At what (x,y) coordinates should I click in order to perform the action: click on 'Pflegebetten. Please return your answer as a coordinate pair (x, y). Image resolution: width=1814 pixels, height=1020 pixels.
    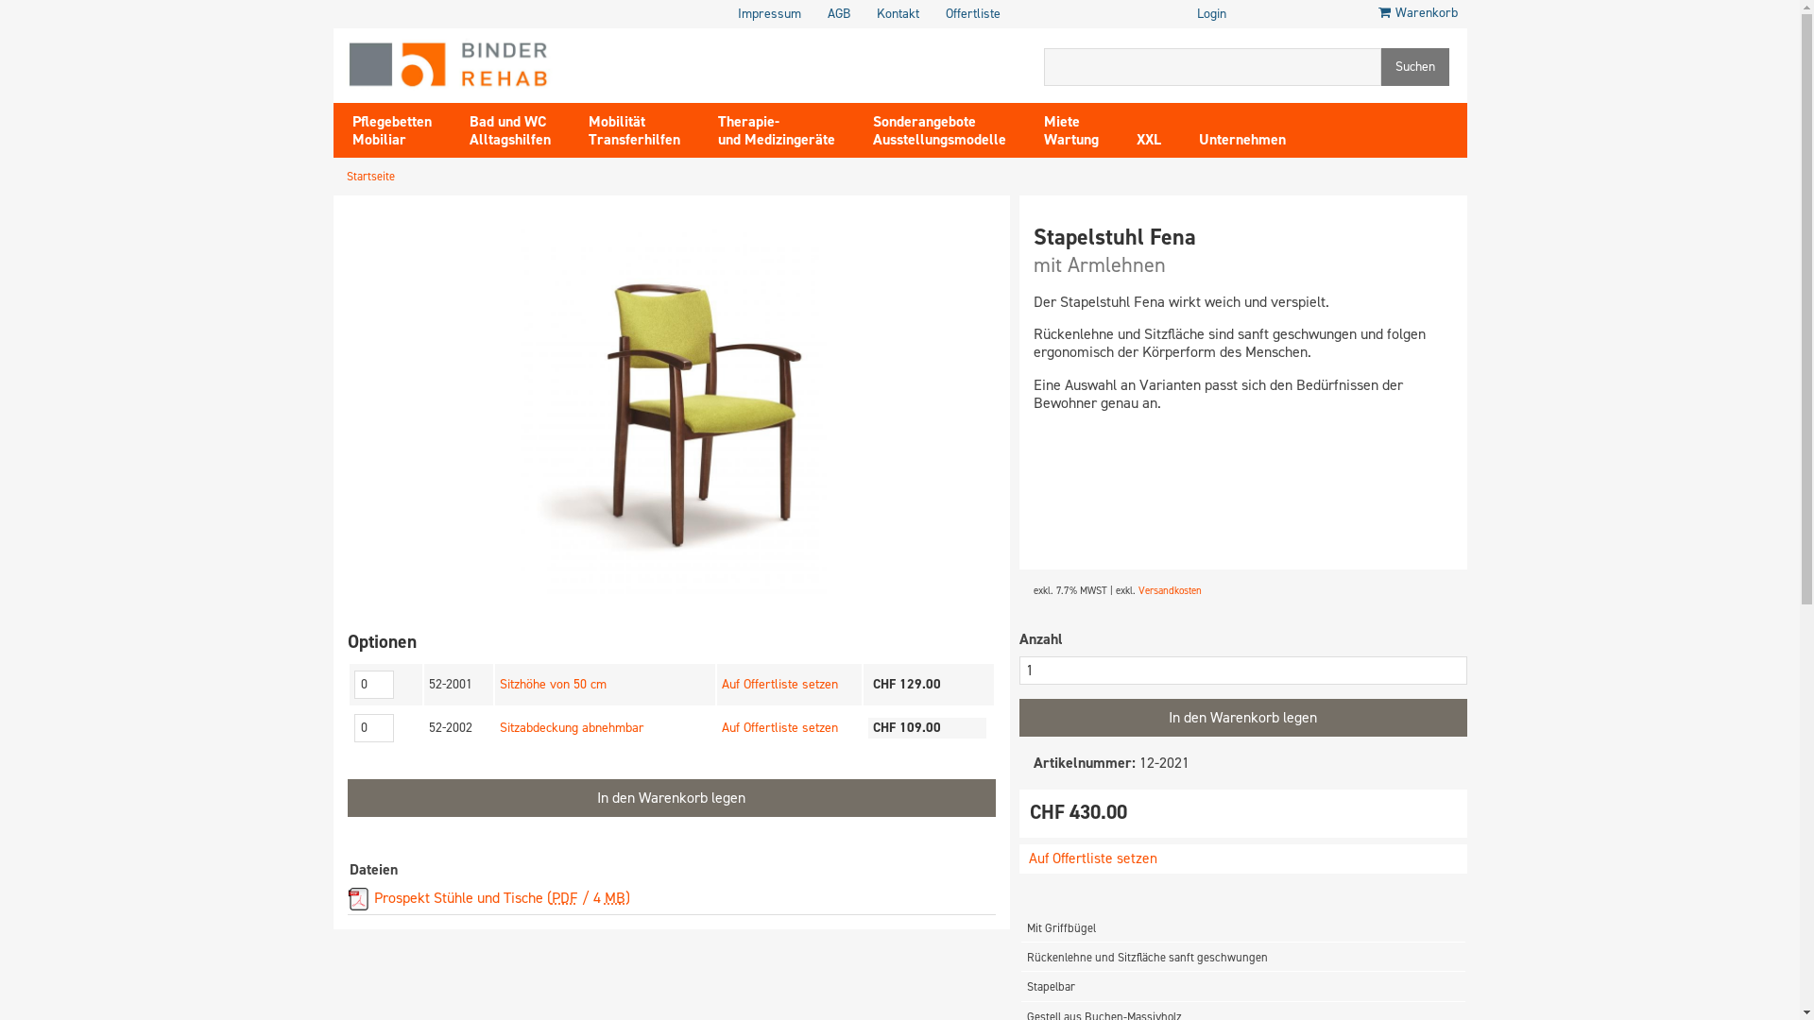
    Looking at the image, I should click on (389, 128).